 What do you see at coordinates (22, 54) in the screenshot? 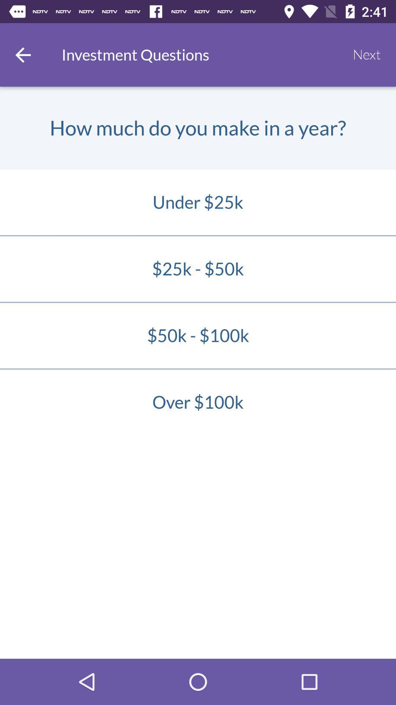
I see `the item at the top left corner` at bounding box center [22, 54].